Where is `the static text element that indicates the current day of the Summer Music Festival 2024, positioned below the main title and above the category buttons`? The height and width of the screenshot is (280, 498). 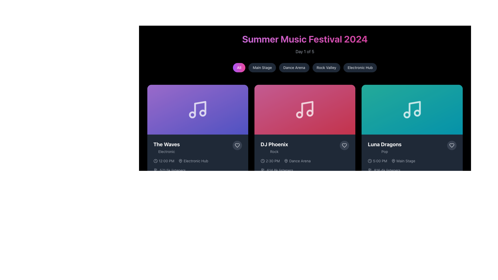 the static text element that indicates the current day of the Summer Music Festival 2024, positioned below the main title and above the category buttons is located at coordinates (305, 52).